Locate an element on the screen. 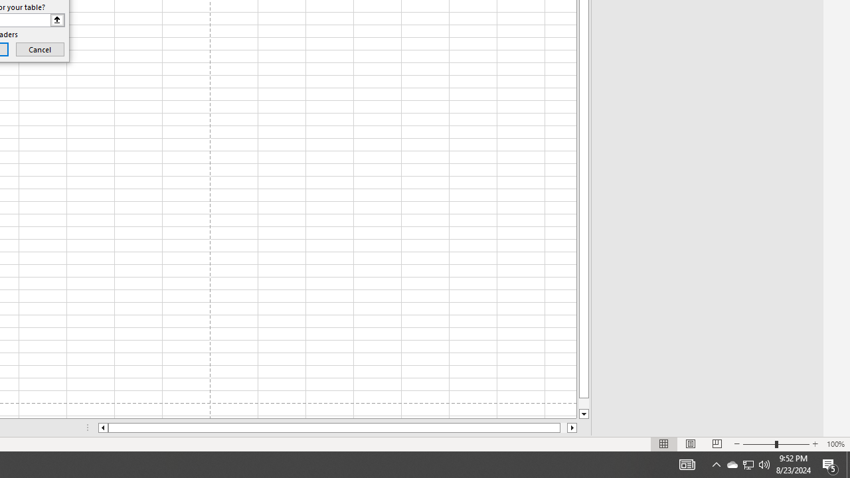  'Normal' is located at coordinates (664, 444).